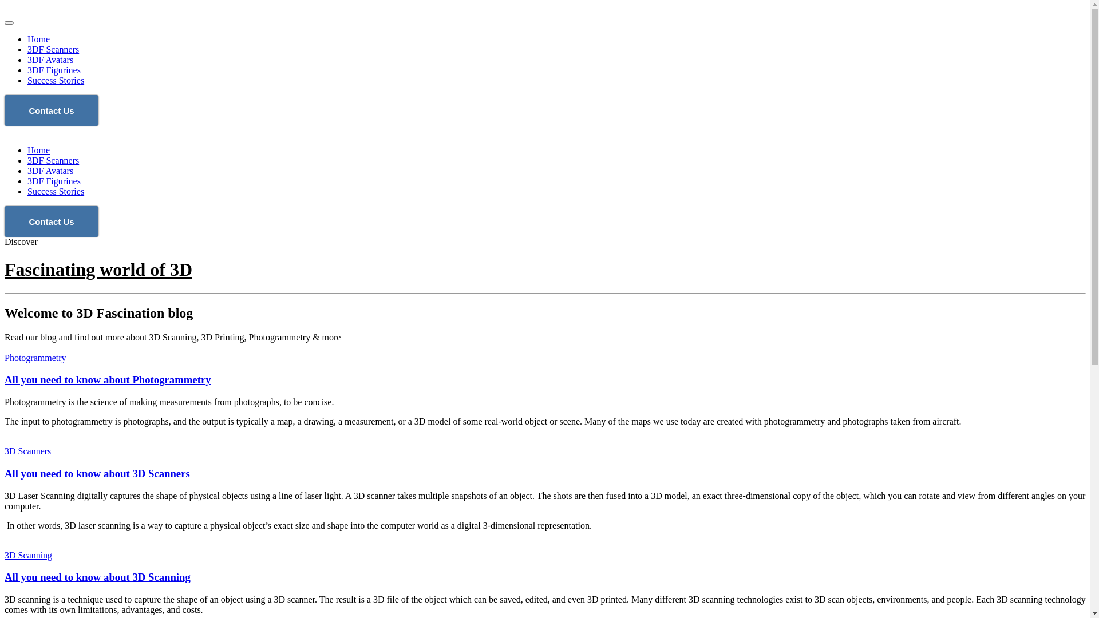 The width and height of the screenshot is (1099, 618). Describe the element at coordinates (97, 577) in the screenshot. I see `'All you need to know about 3D Scanning'` at that location.